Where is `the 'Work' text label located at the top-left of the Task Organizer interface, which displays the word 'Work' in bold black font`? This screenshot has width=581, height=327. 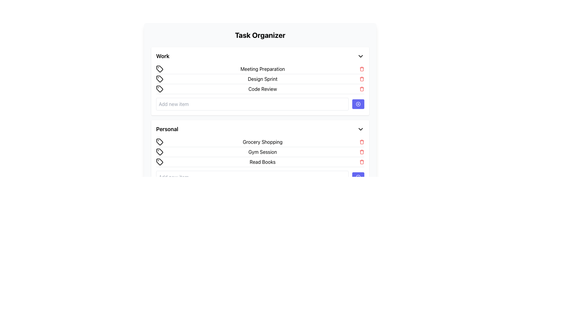
the 'Work' text label located at the top-left of the Task Organizer interface, which displays the word 'Work' in bold black font is located at coordinates (162, 56).